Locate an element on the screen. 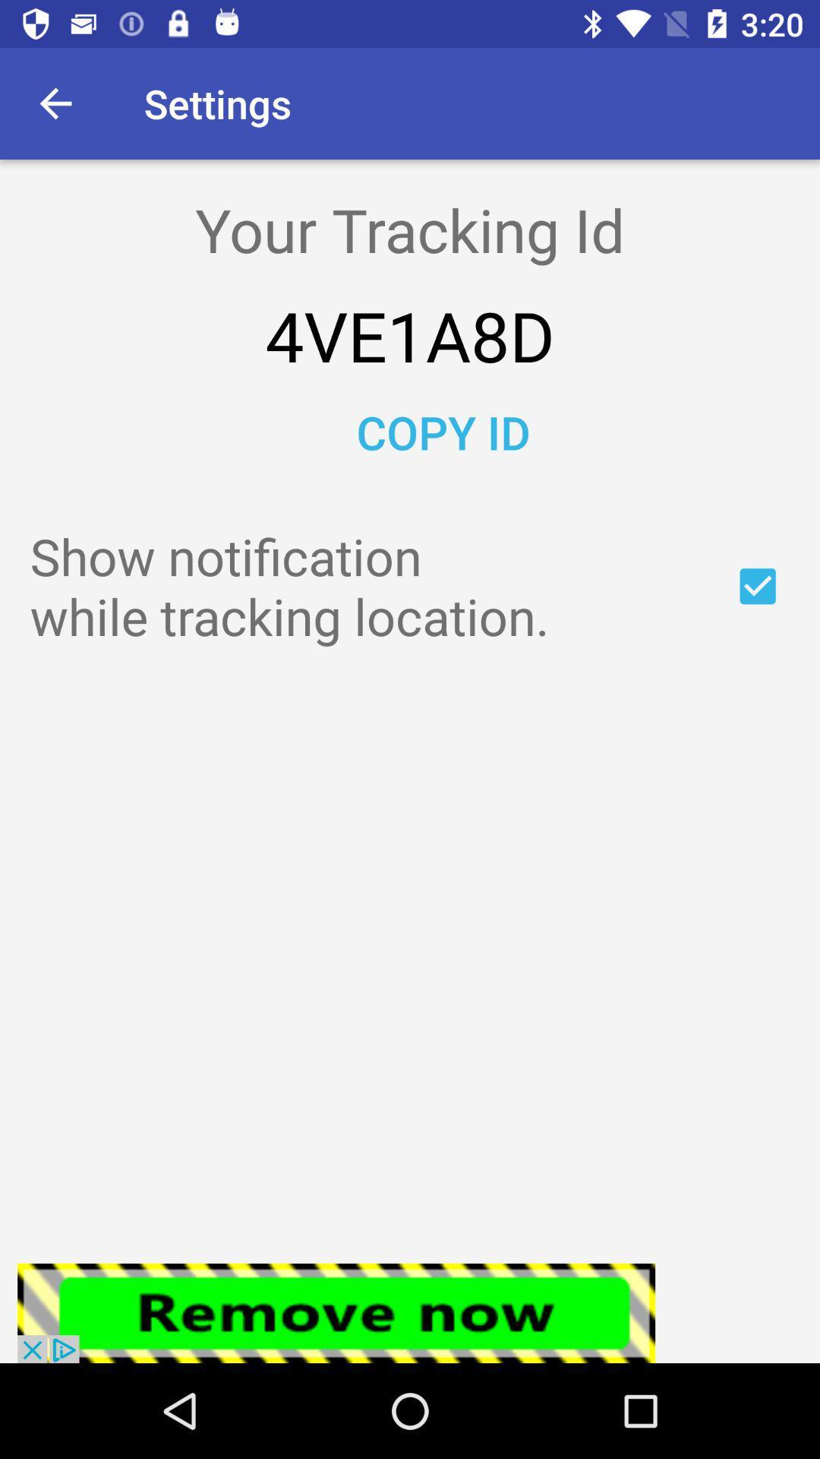 This screenshot has height=1459, width=820. the advertisement is located at coordinates (336, 1312).